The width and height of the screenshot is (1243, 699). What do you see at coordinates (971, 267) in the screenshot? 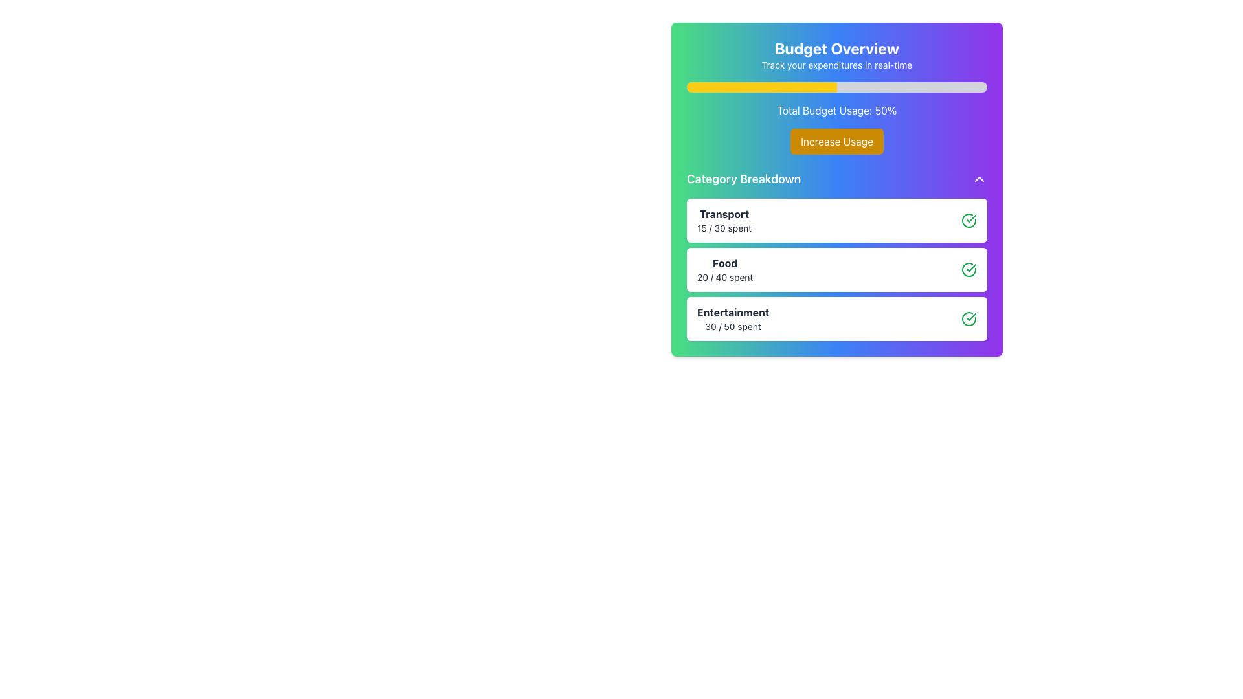
I see `the green tick mark icon indicating confirmation, located in the 'Category Breakdown' section to the right of the 'Transport' line item` at bounding box center [971, 267].